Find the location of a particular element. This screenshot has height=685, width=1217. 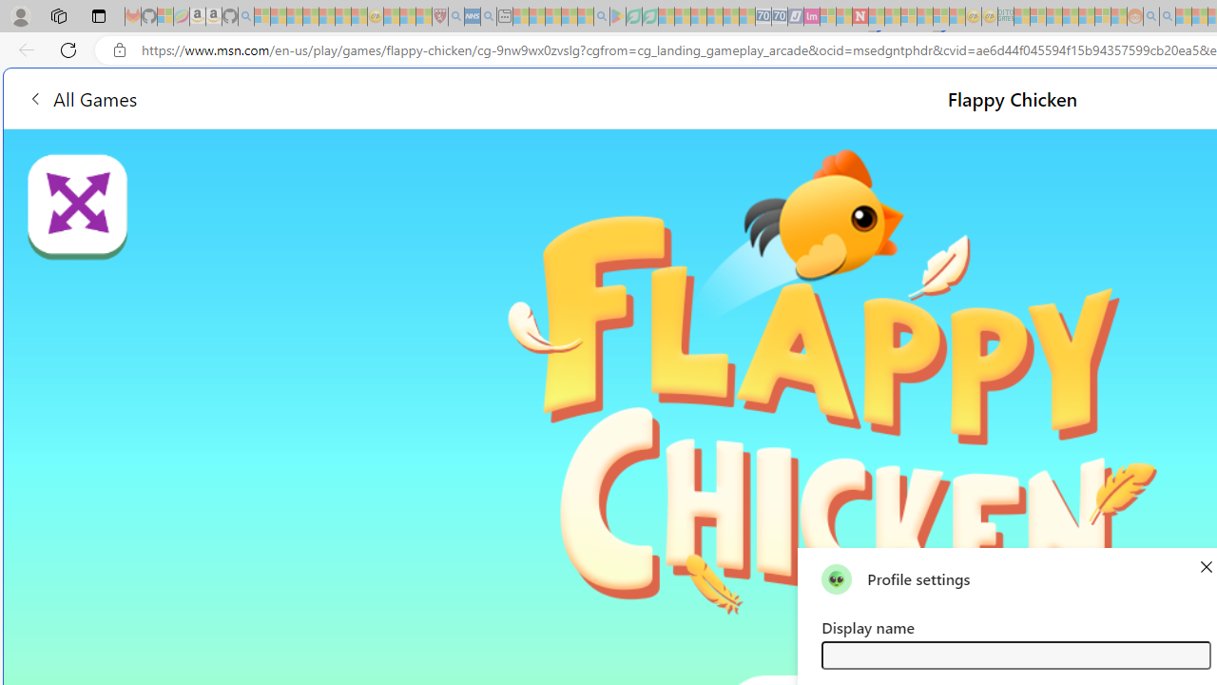

'All Games' is located at coordinates (81, 98).